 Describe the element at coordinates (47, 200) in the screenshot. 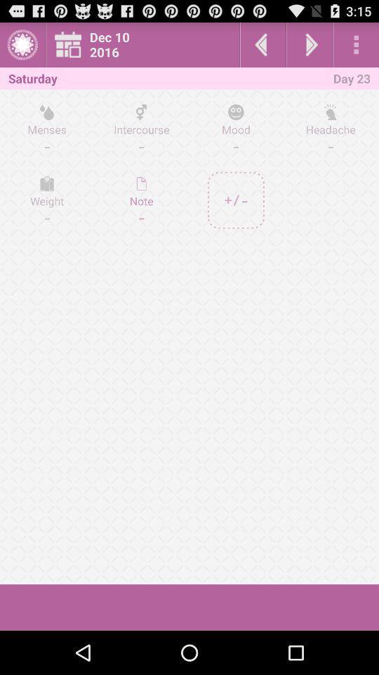

I see `the weight` at that location.